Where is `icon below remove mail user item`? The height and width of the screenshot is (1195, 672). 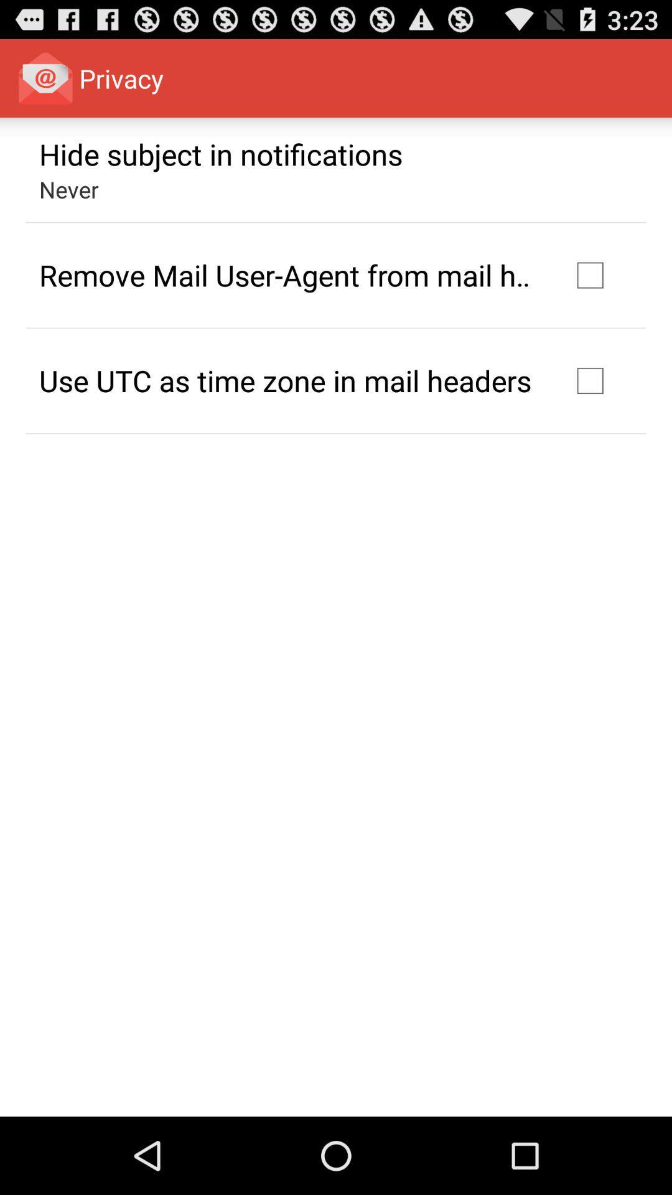 icon below remove mail user item is located at coordinates (285, 380).